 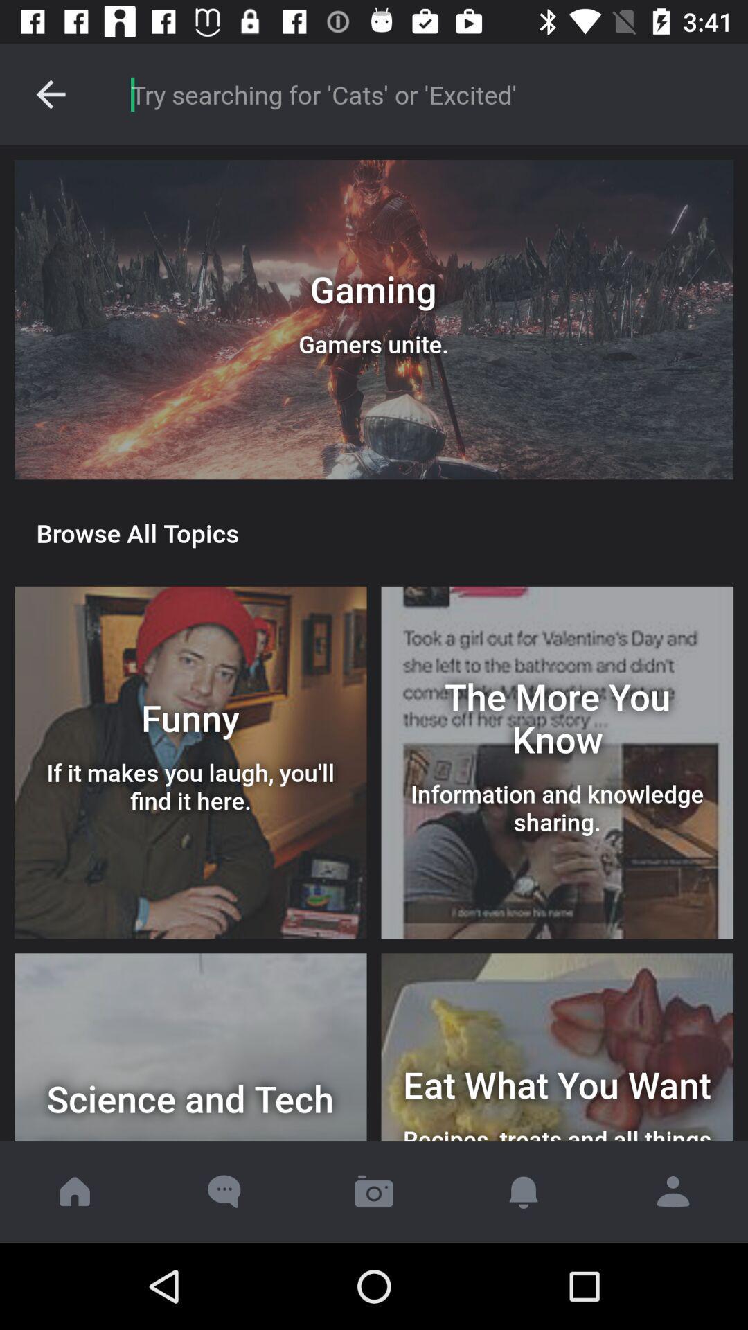 What do you see at coordinates (424, 94) in the screenshot?
I see `type search word` at bounding box center [424, 94].